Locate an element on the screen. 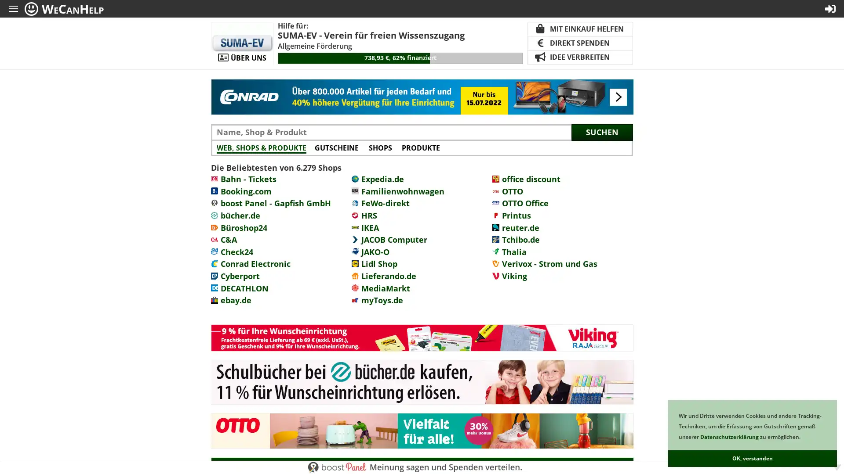  dismiss cookie message is located at coordinates (752, 458).